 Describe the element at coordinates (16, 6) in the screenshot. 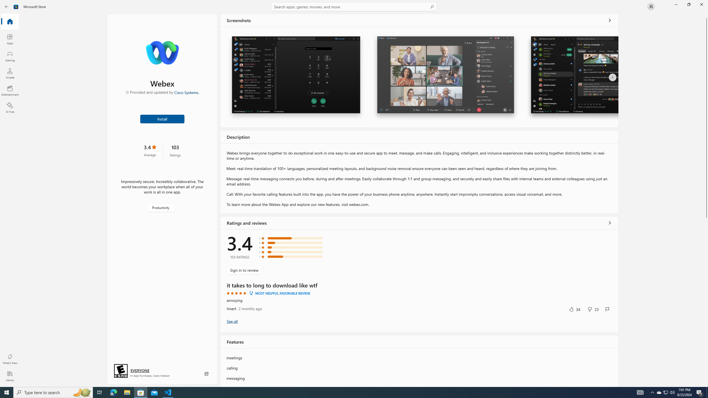

I see `'Class: Image'` at that location.